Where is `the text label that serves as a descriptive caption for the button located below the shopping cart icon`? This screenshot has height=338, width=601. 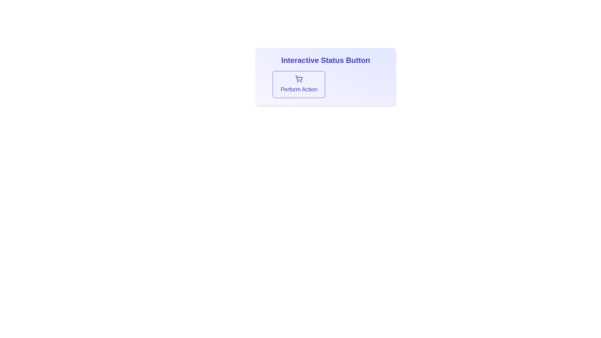
the text label that serves as a descriptive caption for the button located below the shopping cart icon is located at coordinates (299, 89).